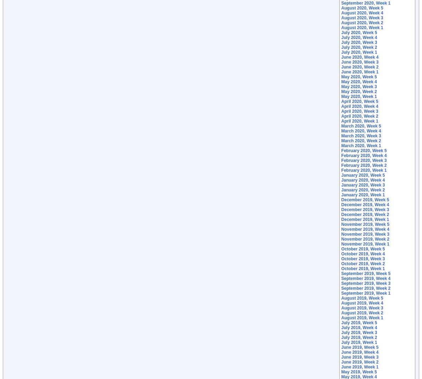  What do you see at coordinates (341, 13) in the screenshot?
I see `'August 2020, Week 4'` at bounding box center [341, 13].